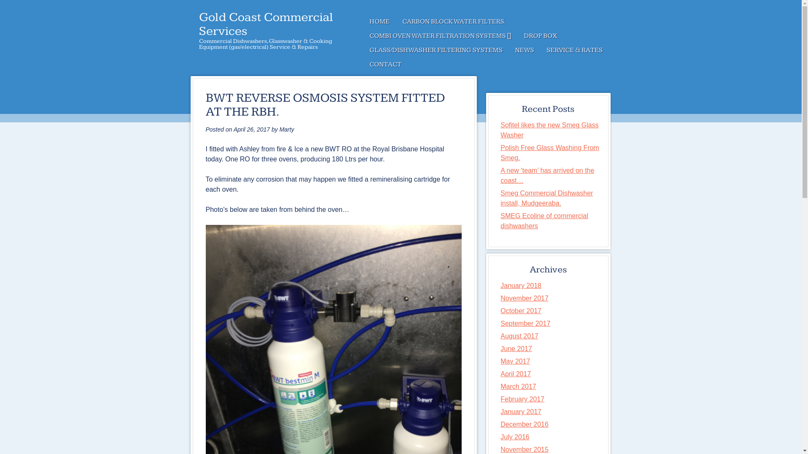 The height and width of the screenshot is (454, 808). What do you see at coordinates (522, 399) in the screenshot?
I see `'February 2017'` at bounding box center [522, 399].